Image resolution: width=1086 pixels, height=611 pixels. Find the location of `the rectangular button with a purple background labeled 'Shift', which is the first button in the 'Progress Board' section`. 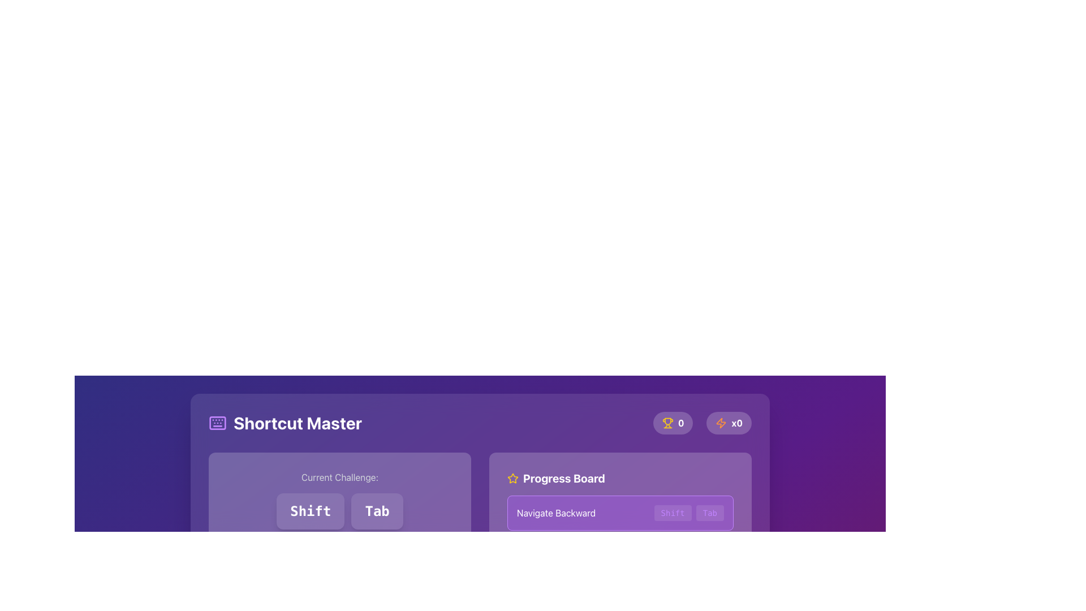

the rectangular button with a purple background labeled 'Shift', which is the first button in the 'Progress Board' section is located at coordinates (673, 513).